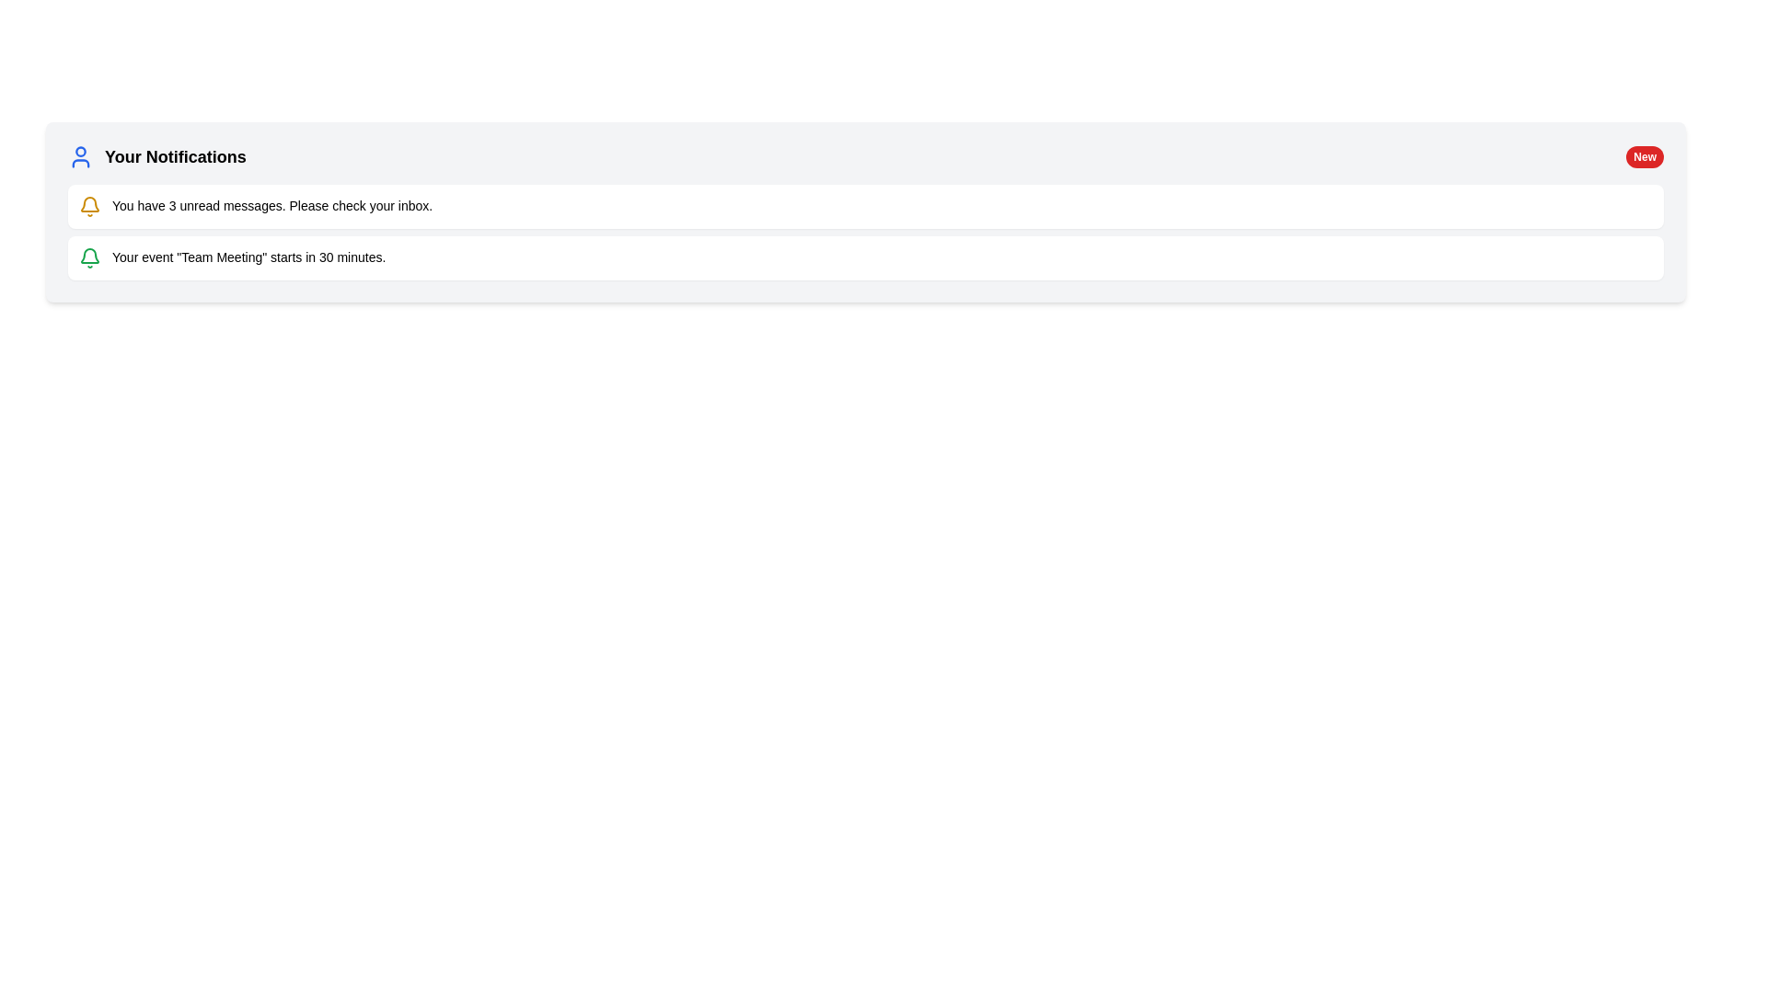  I want to click on the blue user icon located to the left of the 'Your Notifications' label, so click(79, 155).